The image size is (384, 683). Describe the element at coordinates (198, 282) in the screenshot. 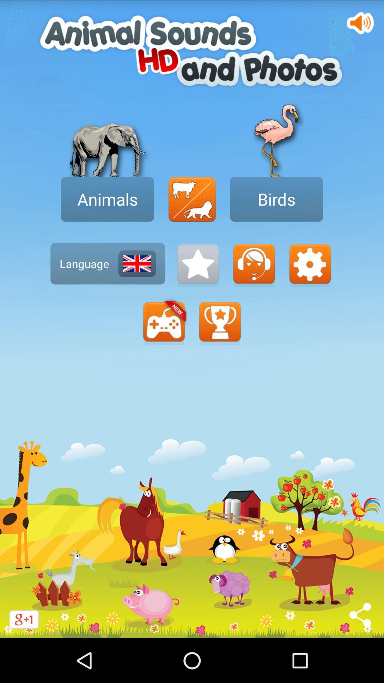

I see `the star icon` at that location.